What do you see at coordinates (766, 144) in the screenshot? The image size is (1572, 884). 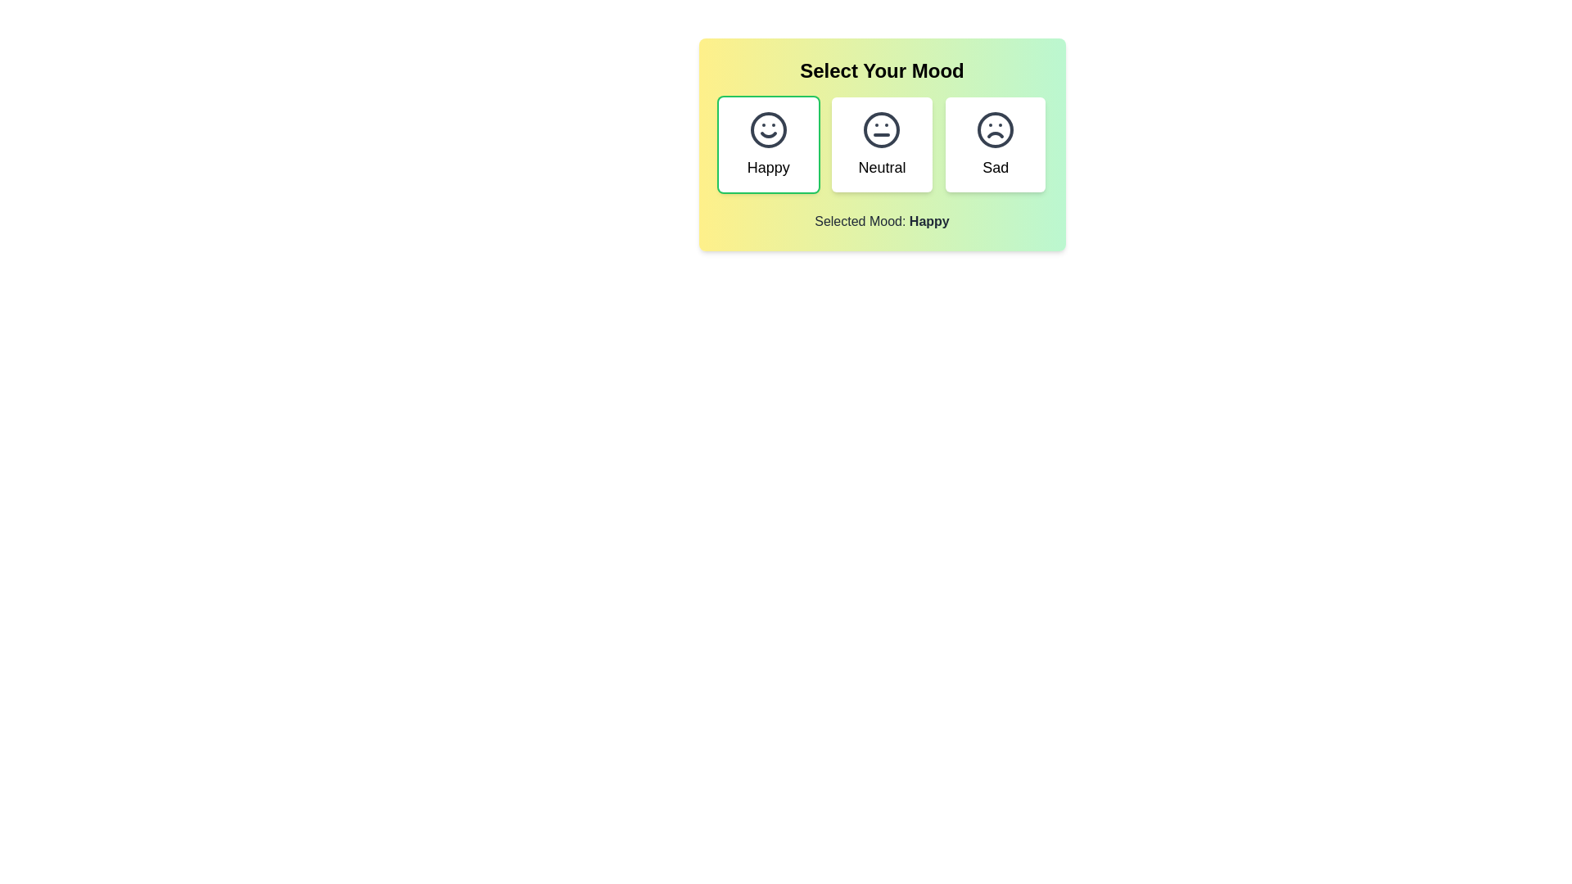 I see `the 'Happy' mood selectable card located in the top-left corner of the grid layout` at bounding box center [766, 144].